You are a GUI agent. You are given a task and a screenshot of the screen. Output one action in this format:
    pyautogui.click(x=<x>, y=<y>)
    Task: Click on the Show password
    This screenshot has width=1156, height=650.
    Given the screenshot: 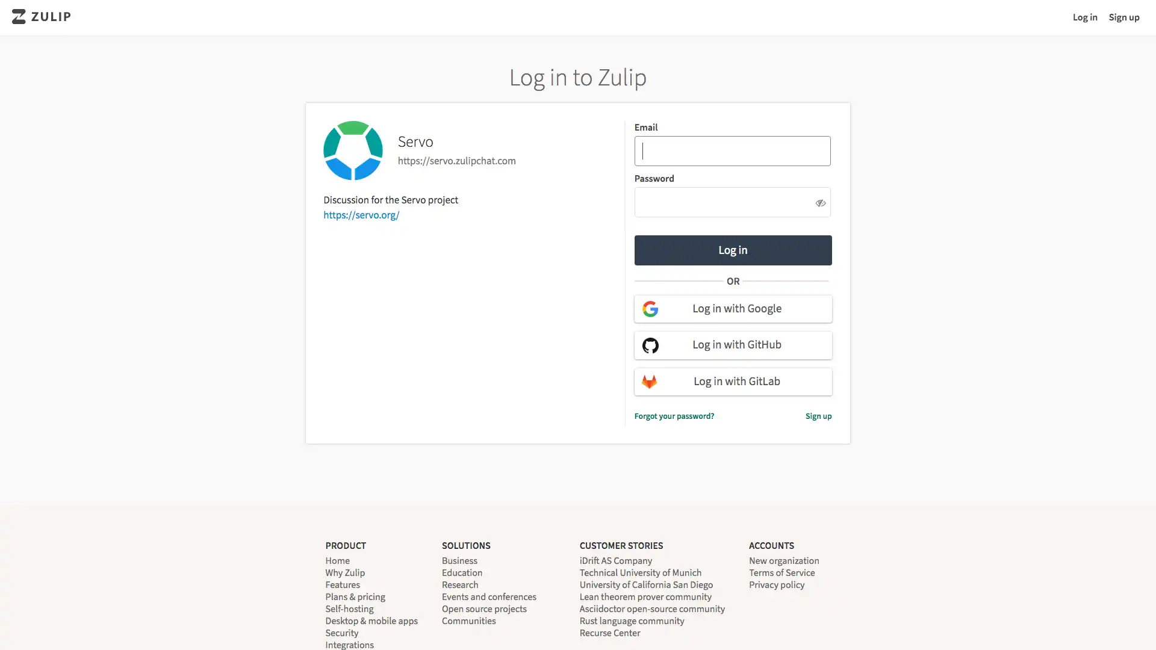 What is the action you would take?
    pyautogui.click(x=819, y=201)
    